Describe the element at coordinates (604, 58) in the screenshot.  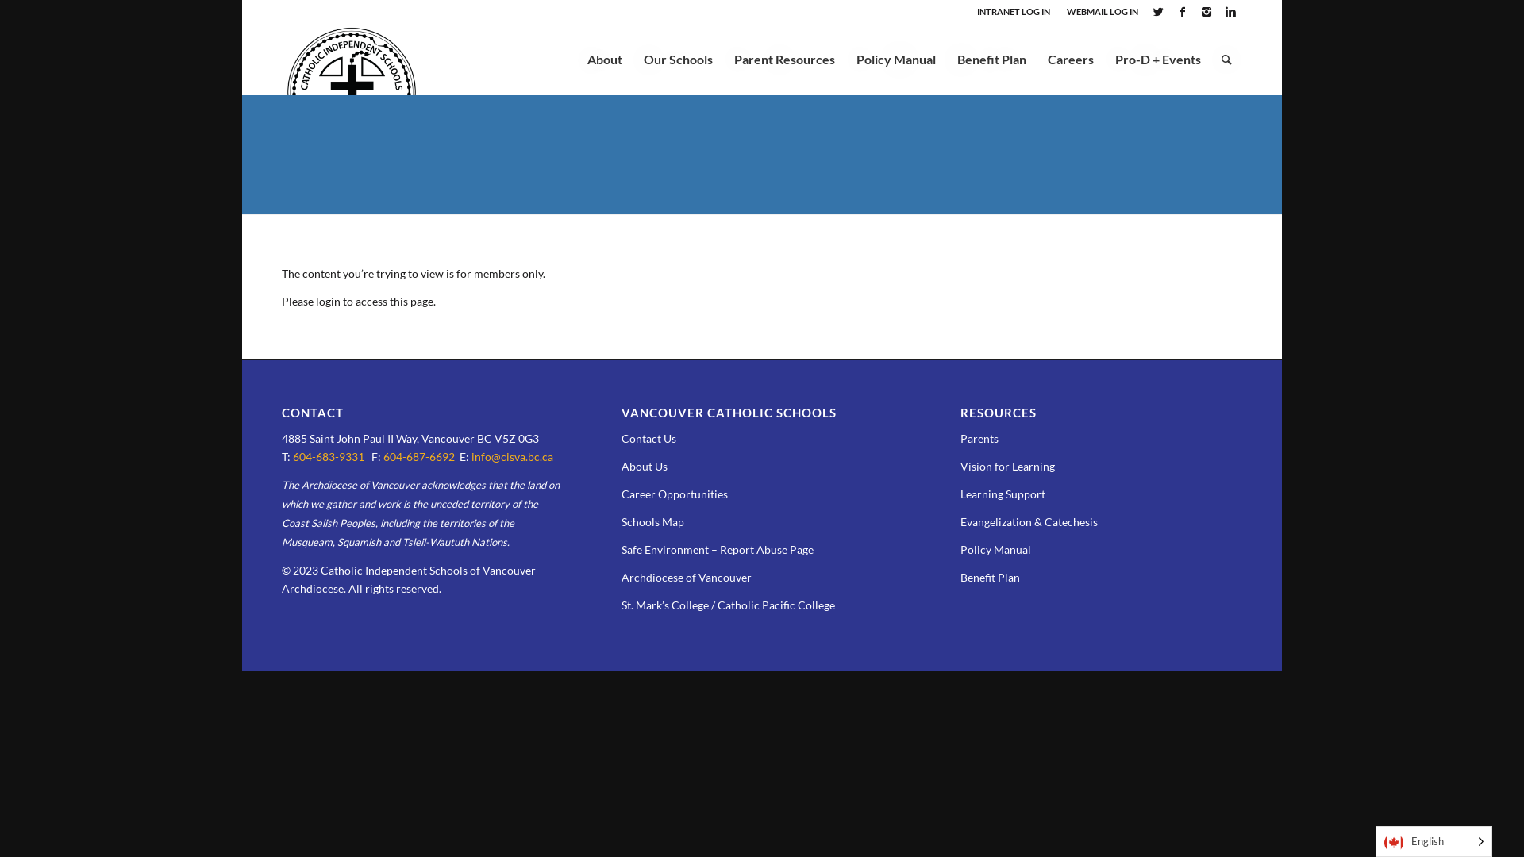
I see `'About'` at that location.